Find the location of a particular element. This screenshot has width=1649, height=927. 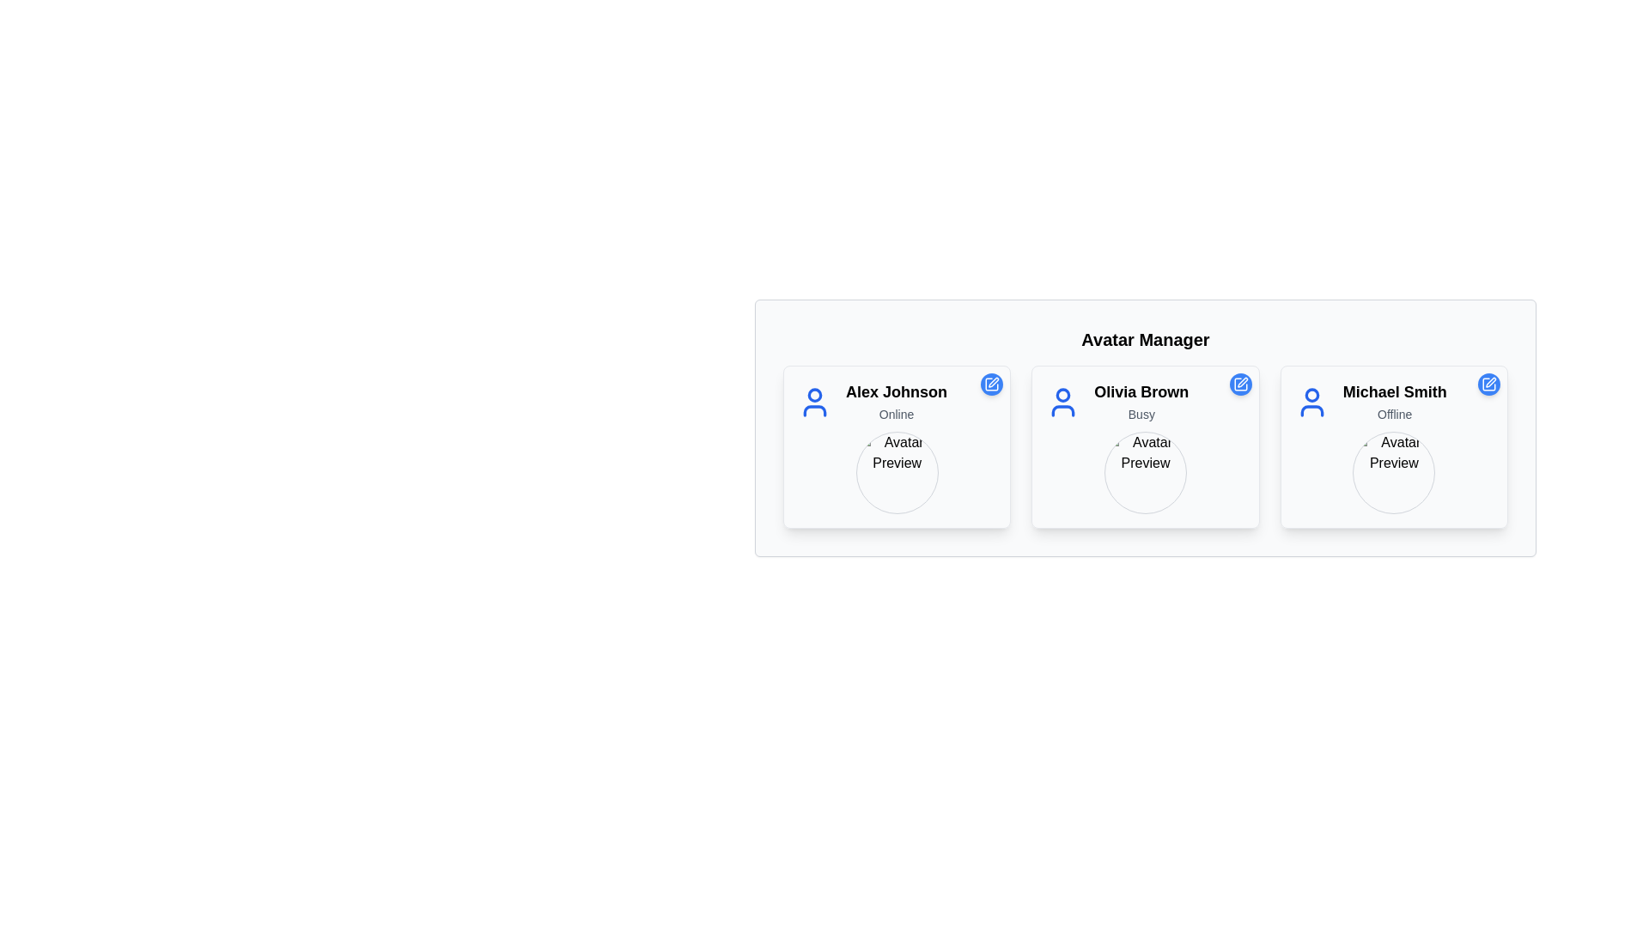

the text display element containing the username 'Michael Smith' and status 'Offline', located within the third card under the 'Avatar Manager' heading is located at coordinates (1394, 403).